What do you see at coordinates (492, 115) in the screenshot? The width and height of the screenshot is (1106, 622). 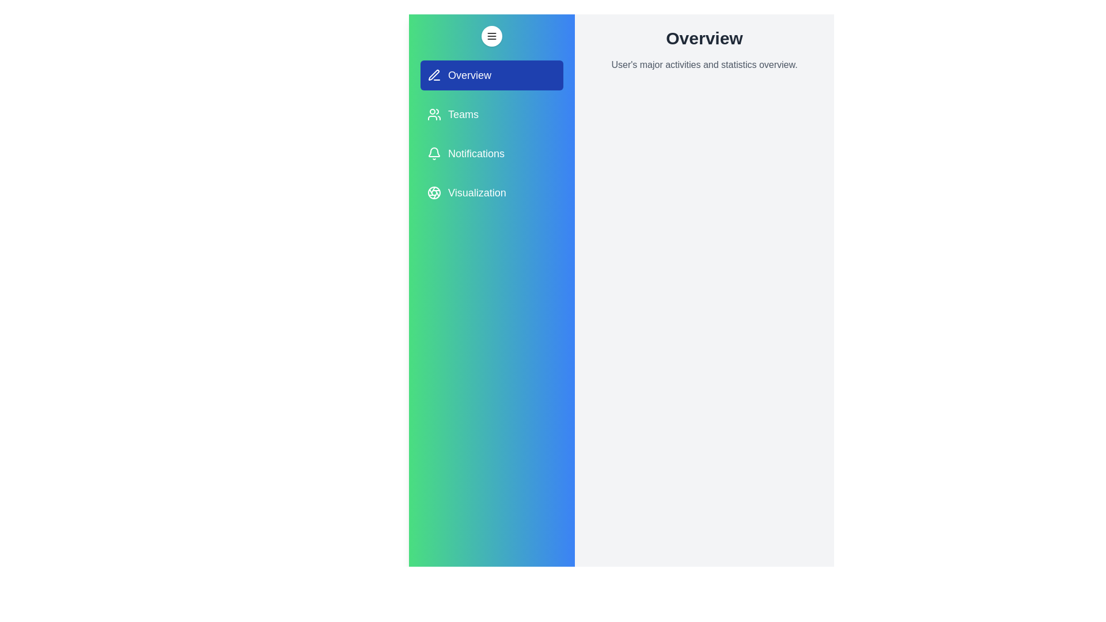 I see `the drawer elements to observe highlights. The element to hover over is specified by the parameter Teams` at bounding box center [492, 115].